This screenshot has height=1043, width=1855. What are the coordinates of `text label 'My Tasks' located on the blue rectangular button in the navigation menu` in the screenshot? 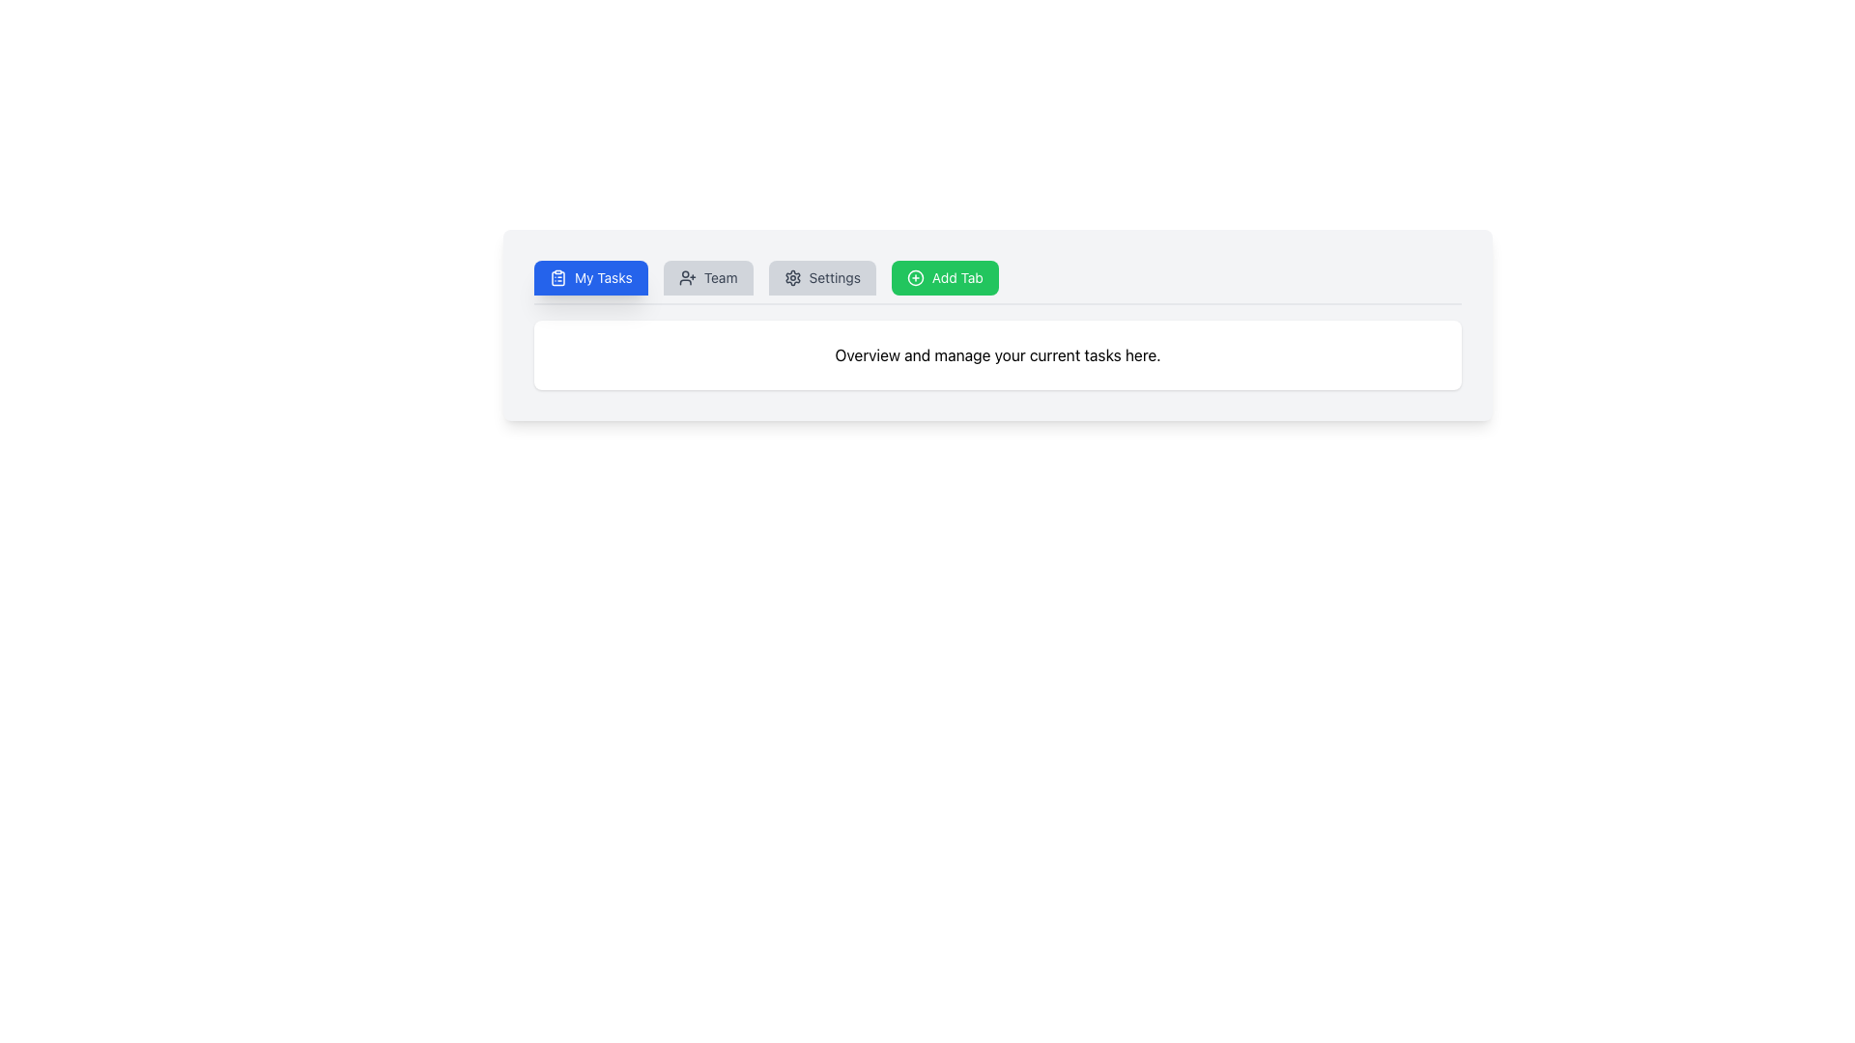 It's located at (602, 278).